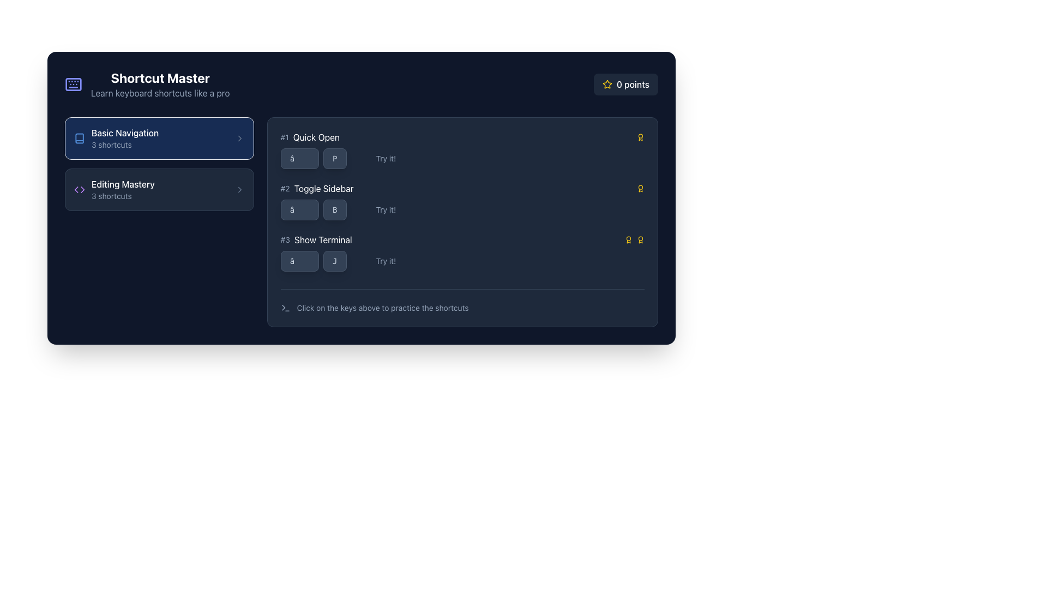  Describe the element at coordinates (462, 261) in the screenshot. I see `the 'Try it!' button in the Interactive tutorial row for the shortcut 'Show Terminal' to attempt the shortcut` at that location.